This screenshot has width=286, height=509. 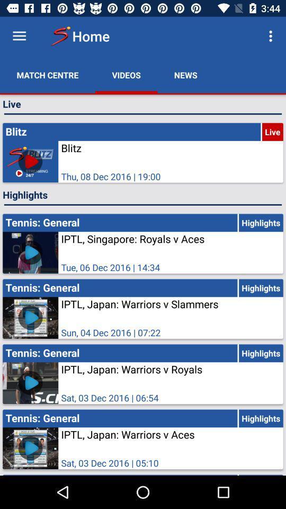 I want to click on the app to the right of the news item, so click(x=272, y=36).